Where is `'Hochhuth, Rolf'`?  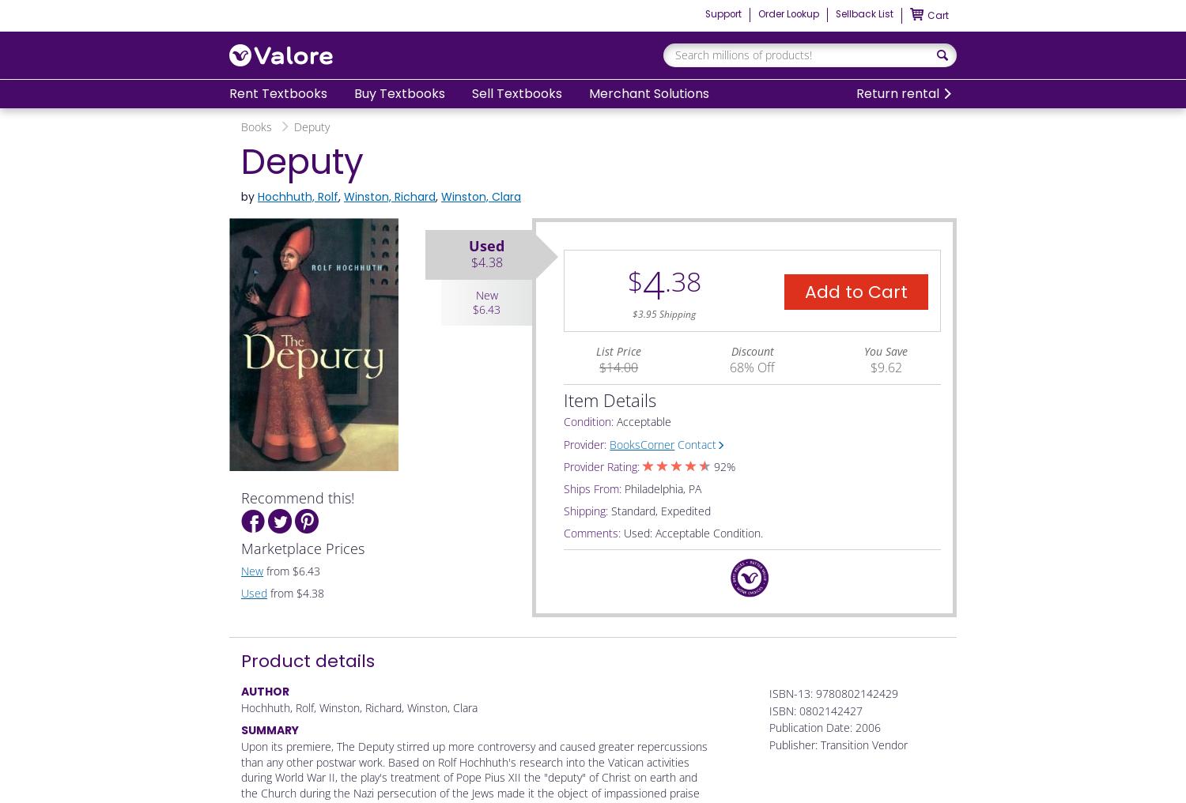
'Hochhuth, Rolf' is located at coordinates (297, 196).